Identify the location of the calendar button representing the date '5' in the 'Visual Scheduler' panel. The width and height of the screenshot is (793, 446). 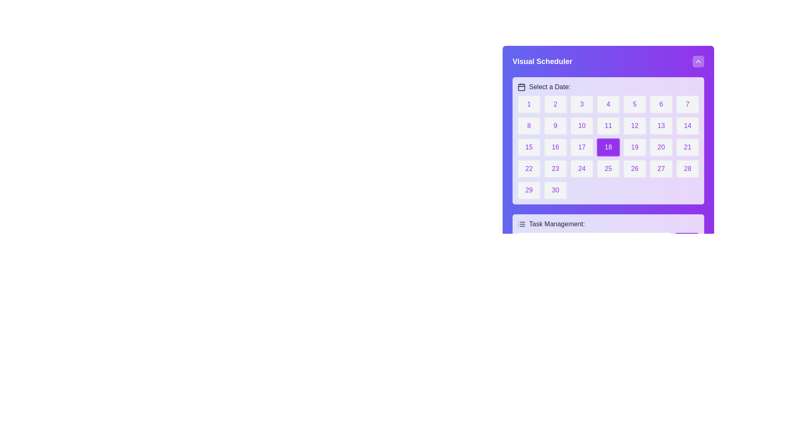
(634, 104).